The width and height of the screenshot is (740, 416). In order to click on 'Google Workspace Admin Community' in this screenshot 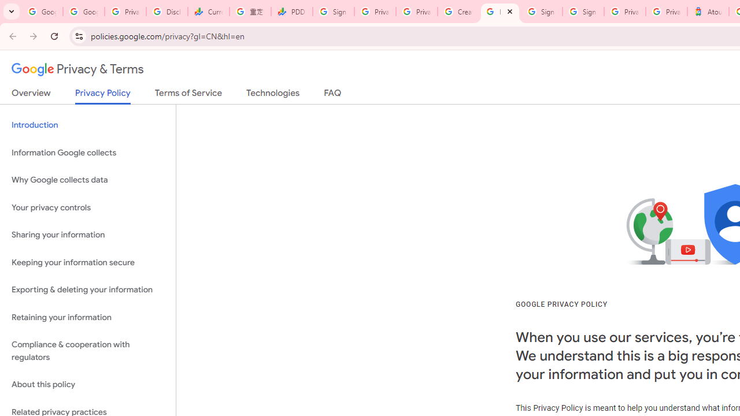, I will do `click(42, 12)`.